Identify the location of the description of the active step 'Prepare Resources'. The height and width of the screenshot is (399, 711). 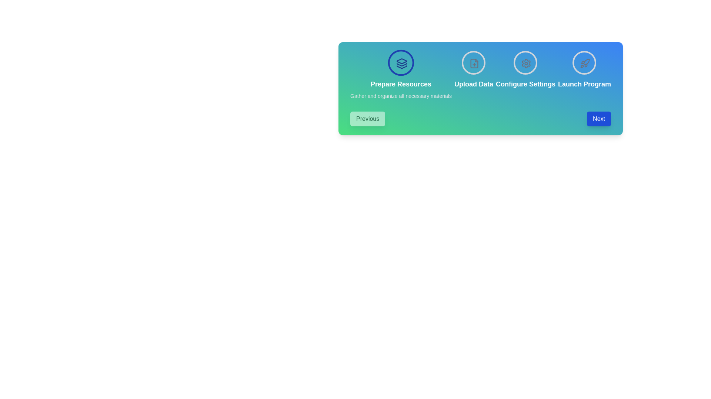
(400, 95).